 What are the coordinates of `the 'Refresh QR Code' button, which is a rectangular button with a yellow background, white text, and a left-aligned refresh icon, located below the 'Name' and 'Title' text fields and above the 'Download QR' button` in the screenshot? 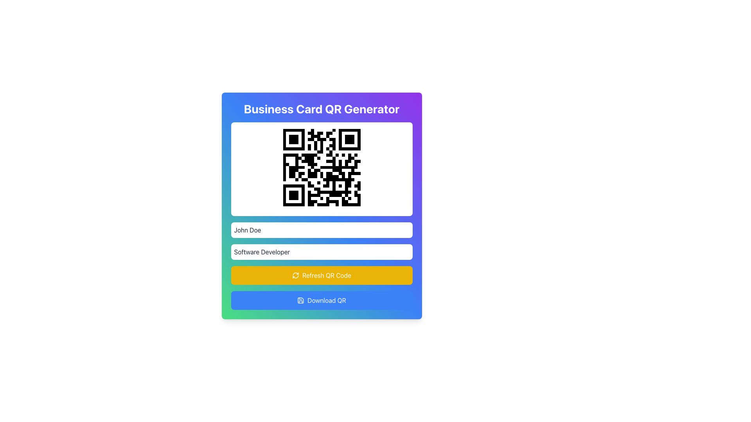 It's located at (322, 275).